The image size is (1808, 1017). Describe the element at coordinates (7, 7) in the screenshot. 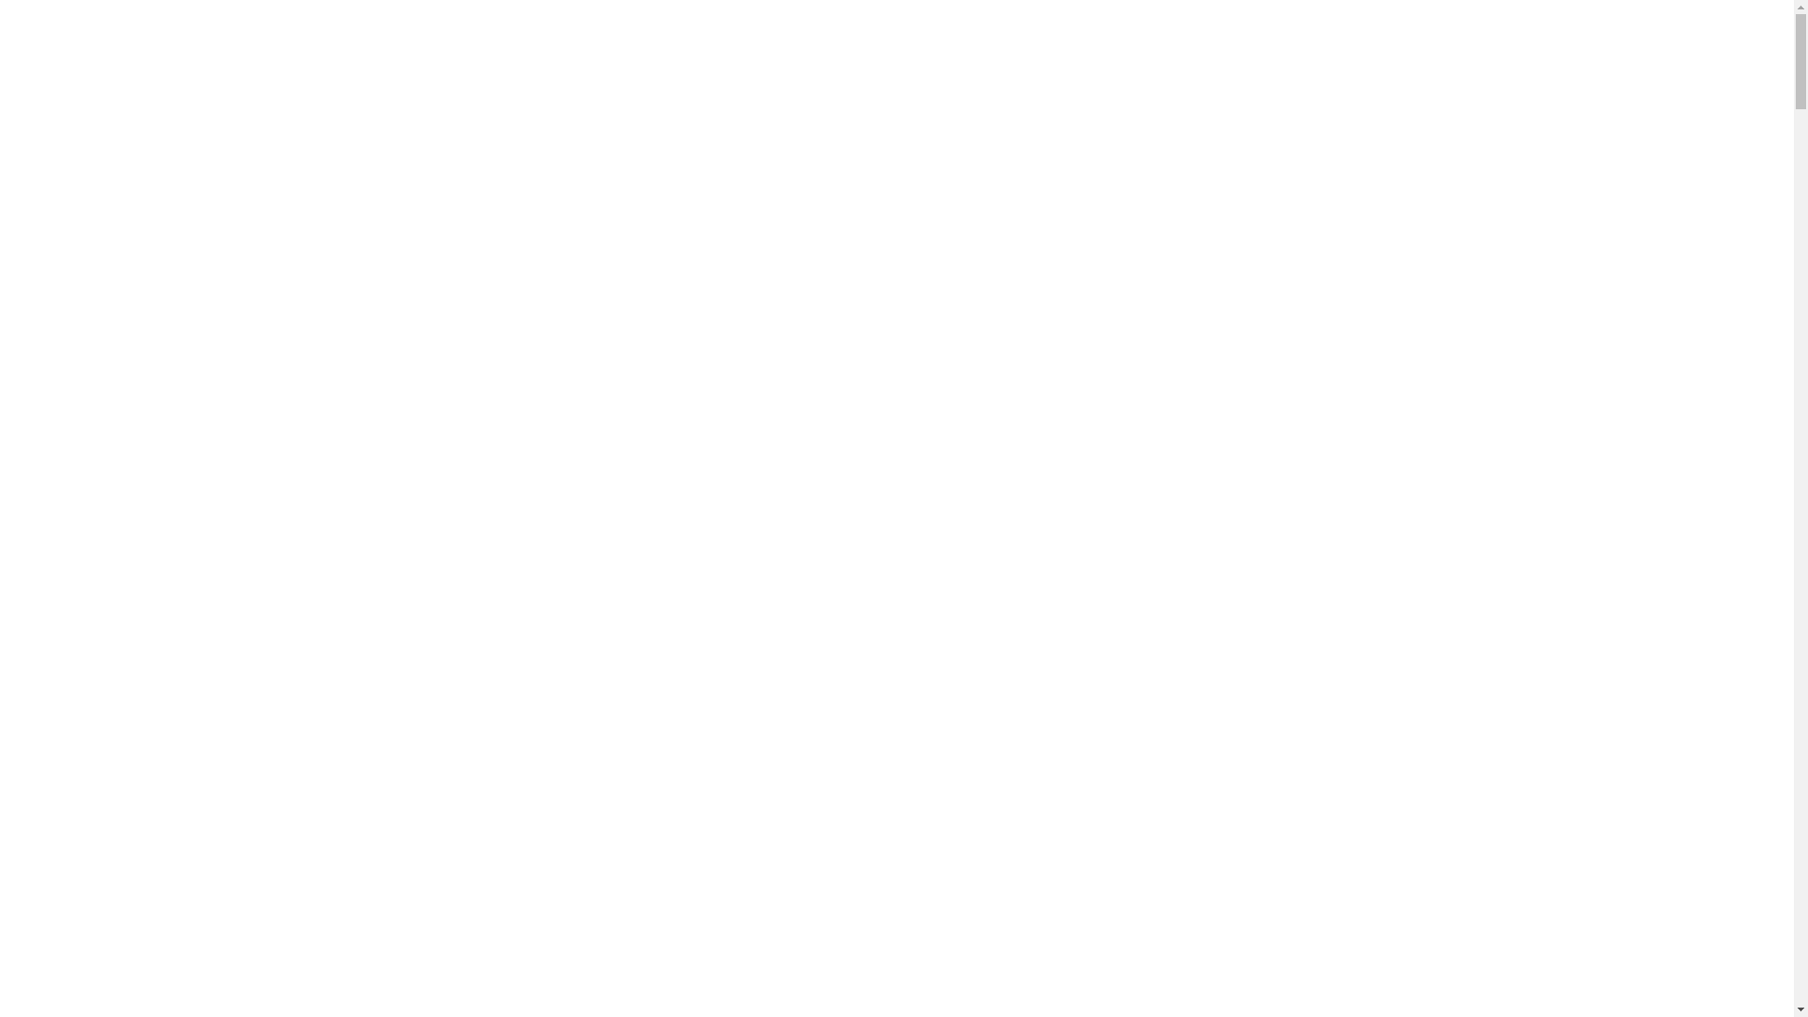

I see `'Passer au contenu'` at that location.